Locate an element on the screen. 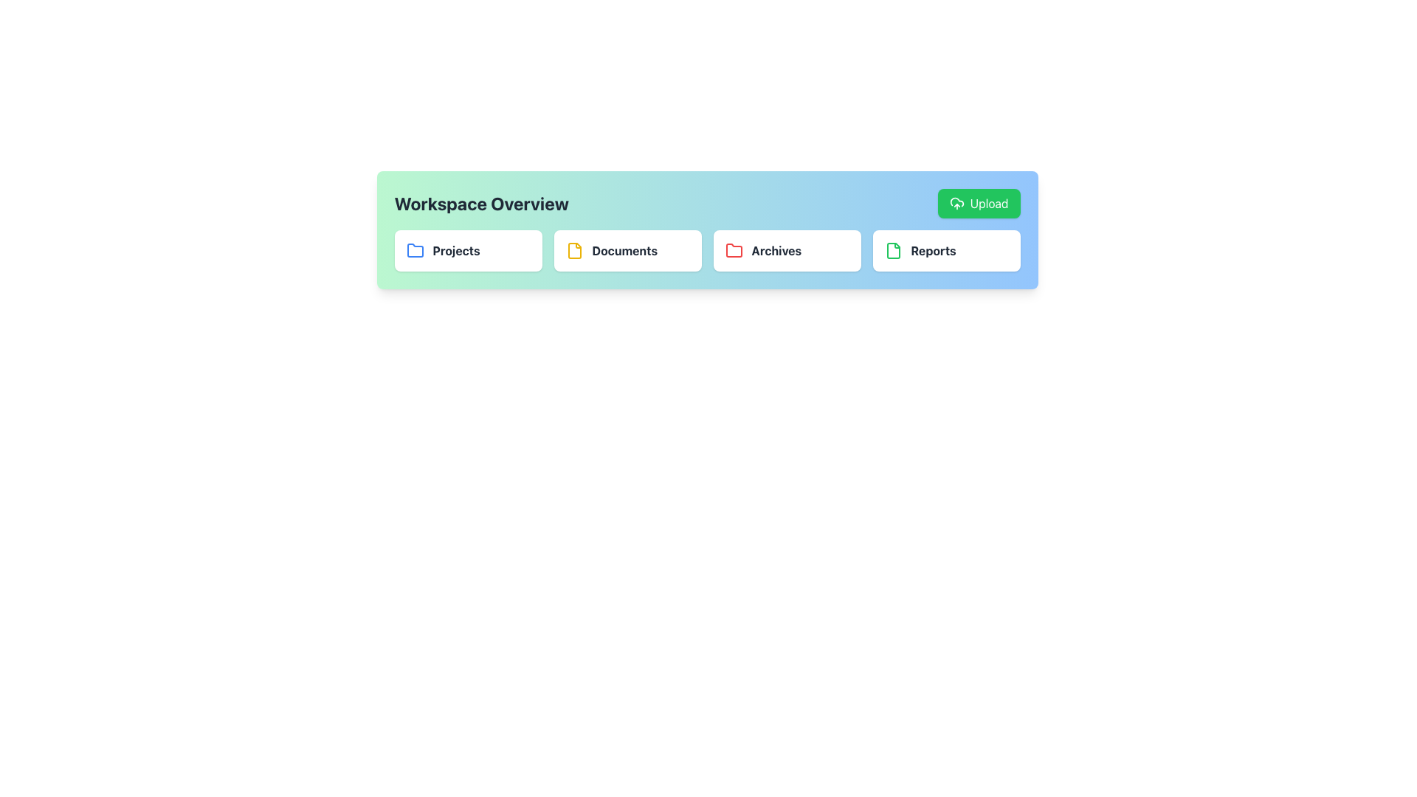 The width and height of the screenshot is (1417, 797). the small cloud-shaped icon with an upwards arrow inside a green button labeled 'Upload' located at the top-right corner of the toolbar is located at coordinates (956, 204).